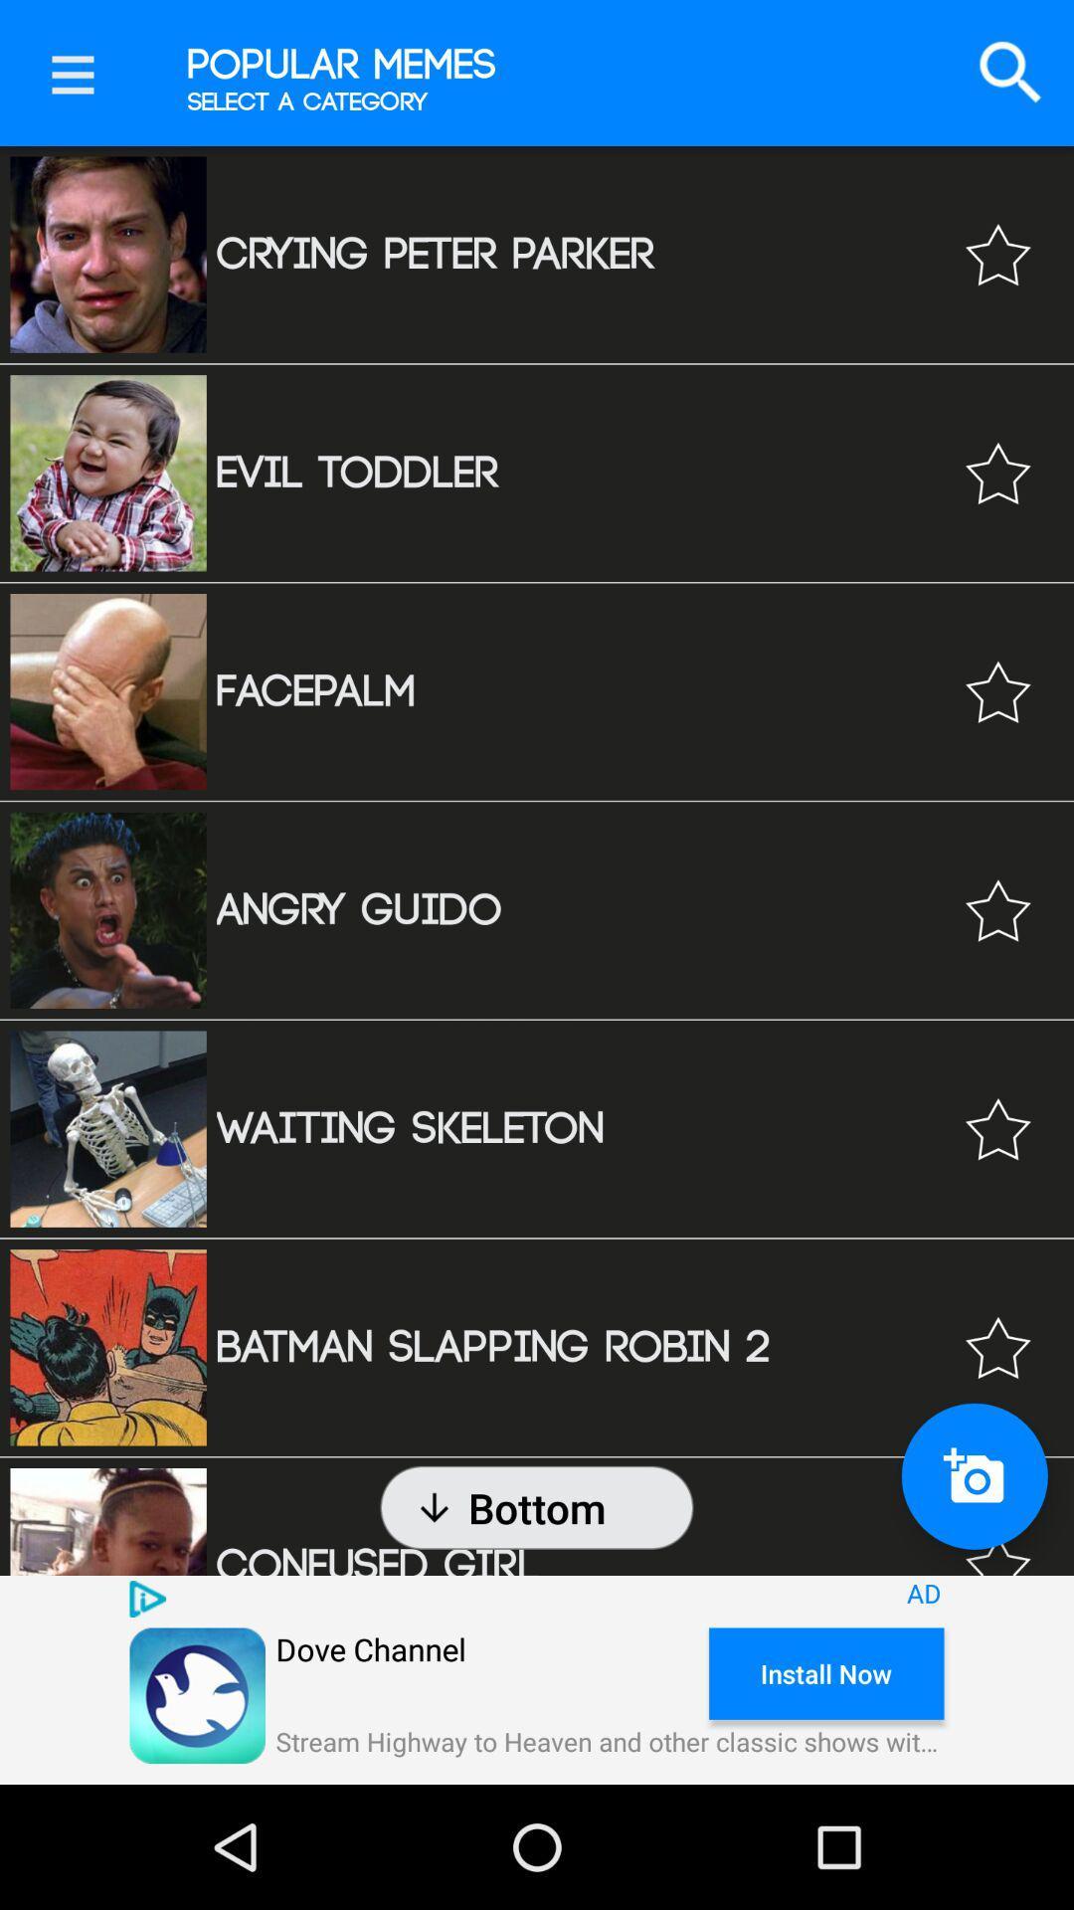  What do you see at coordinates (997, 472) in the screenshot?
I see `favorite` at bounding box center [997, 472].